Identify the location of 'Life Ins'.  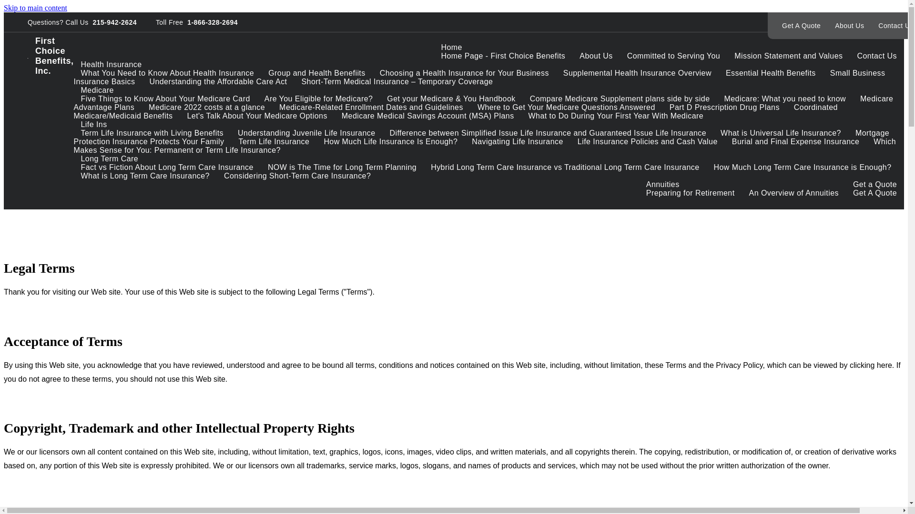
(73, 124).